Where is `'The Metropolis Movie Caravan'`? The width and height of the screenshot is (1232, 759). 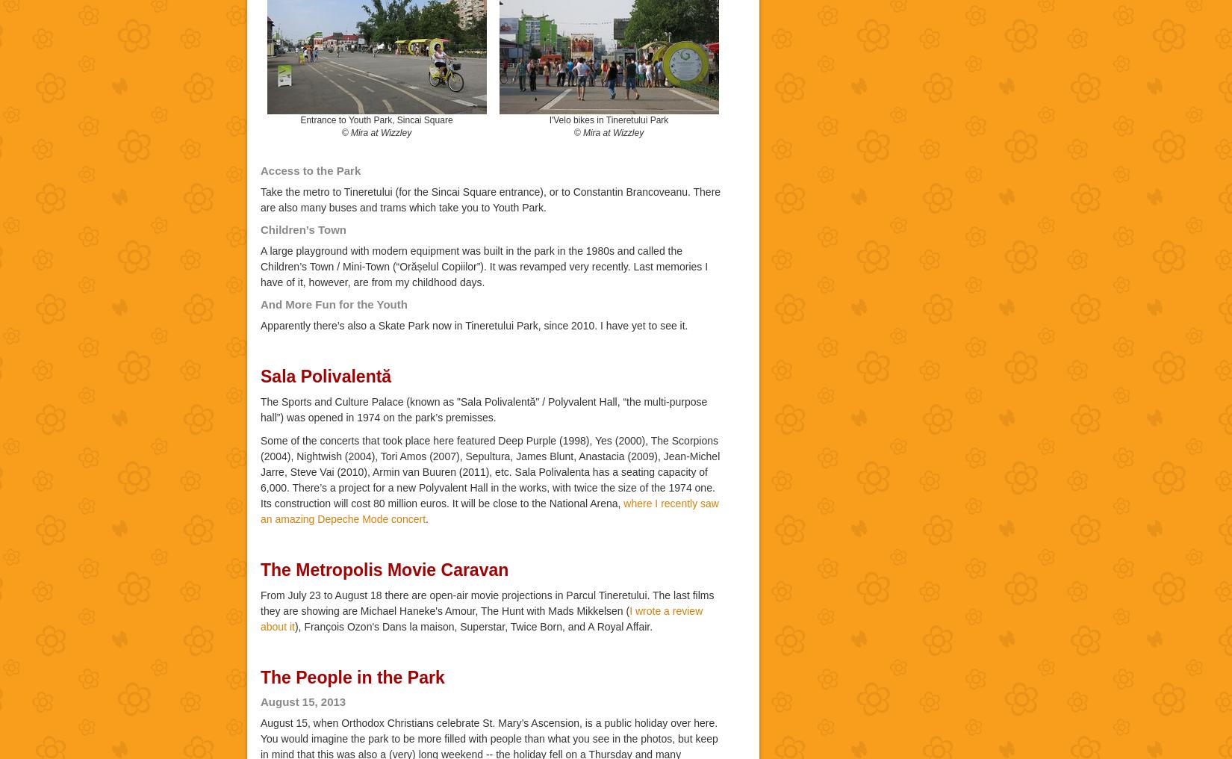 'The Metropolis Movie Caravan' is located at coordinates (383, 569).